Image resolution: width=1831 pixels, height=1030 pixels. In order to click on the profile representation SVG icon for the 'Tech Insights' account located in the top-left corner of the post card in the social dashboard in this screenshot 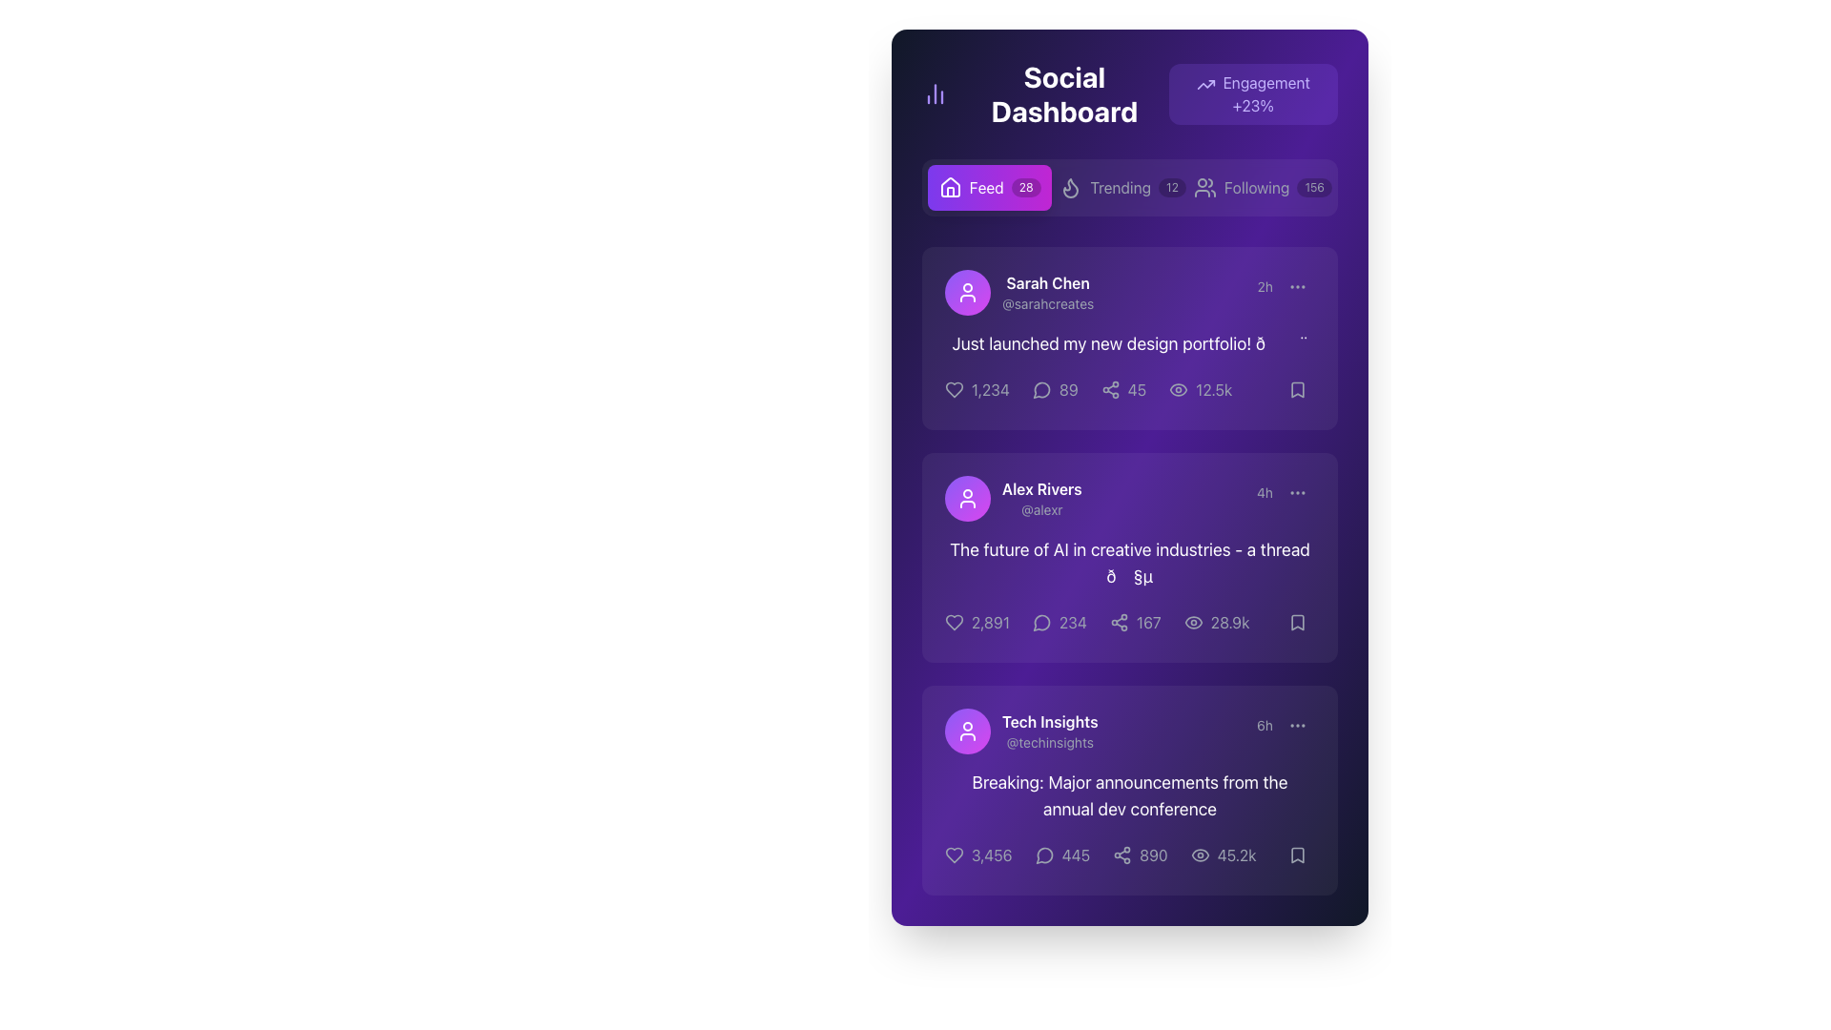, I will do `click(967, 731)`.